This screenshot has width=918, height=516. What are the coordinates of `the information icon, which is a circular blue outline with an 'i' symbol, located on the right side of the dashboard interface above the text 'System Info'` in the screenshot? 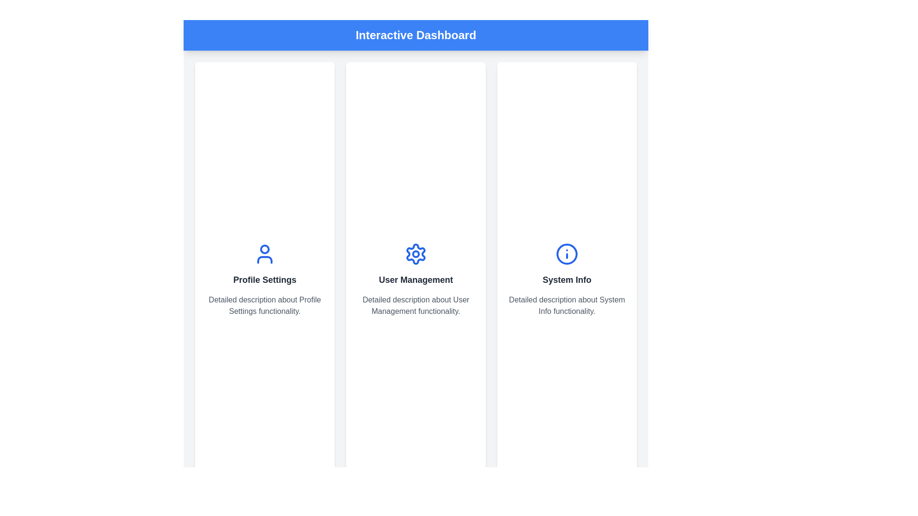 It's located at (567, 254).